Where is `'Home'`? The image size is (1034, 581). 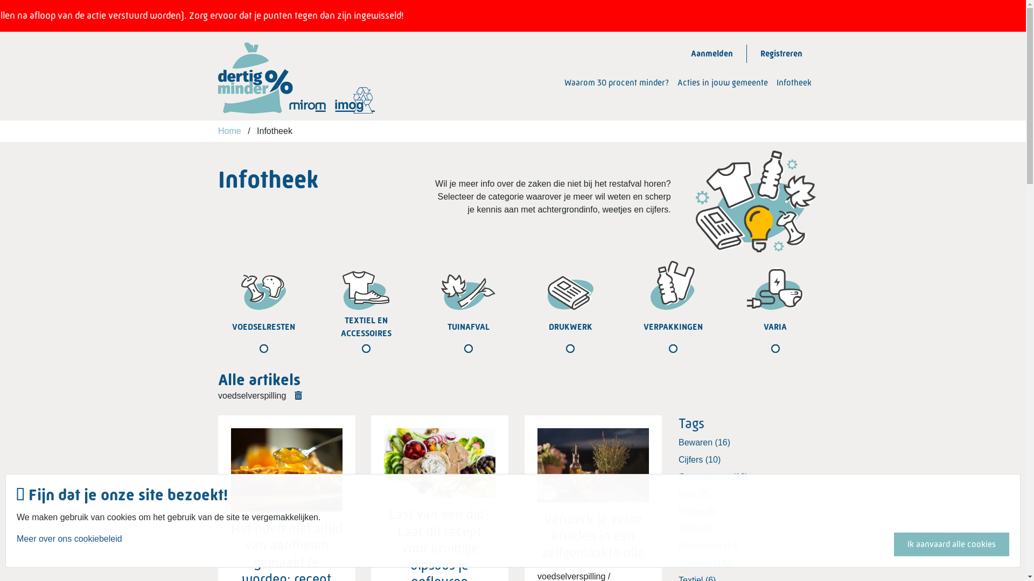
'Home' is located at coordinates (217, 130).